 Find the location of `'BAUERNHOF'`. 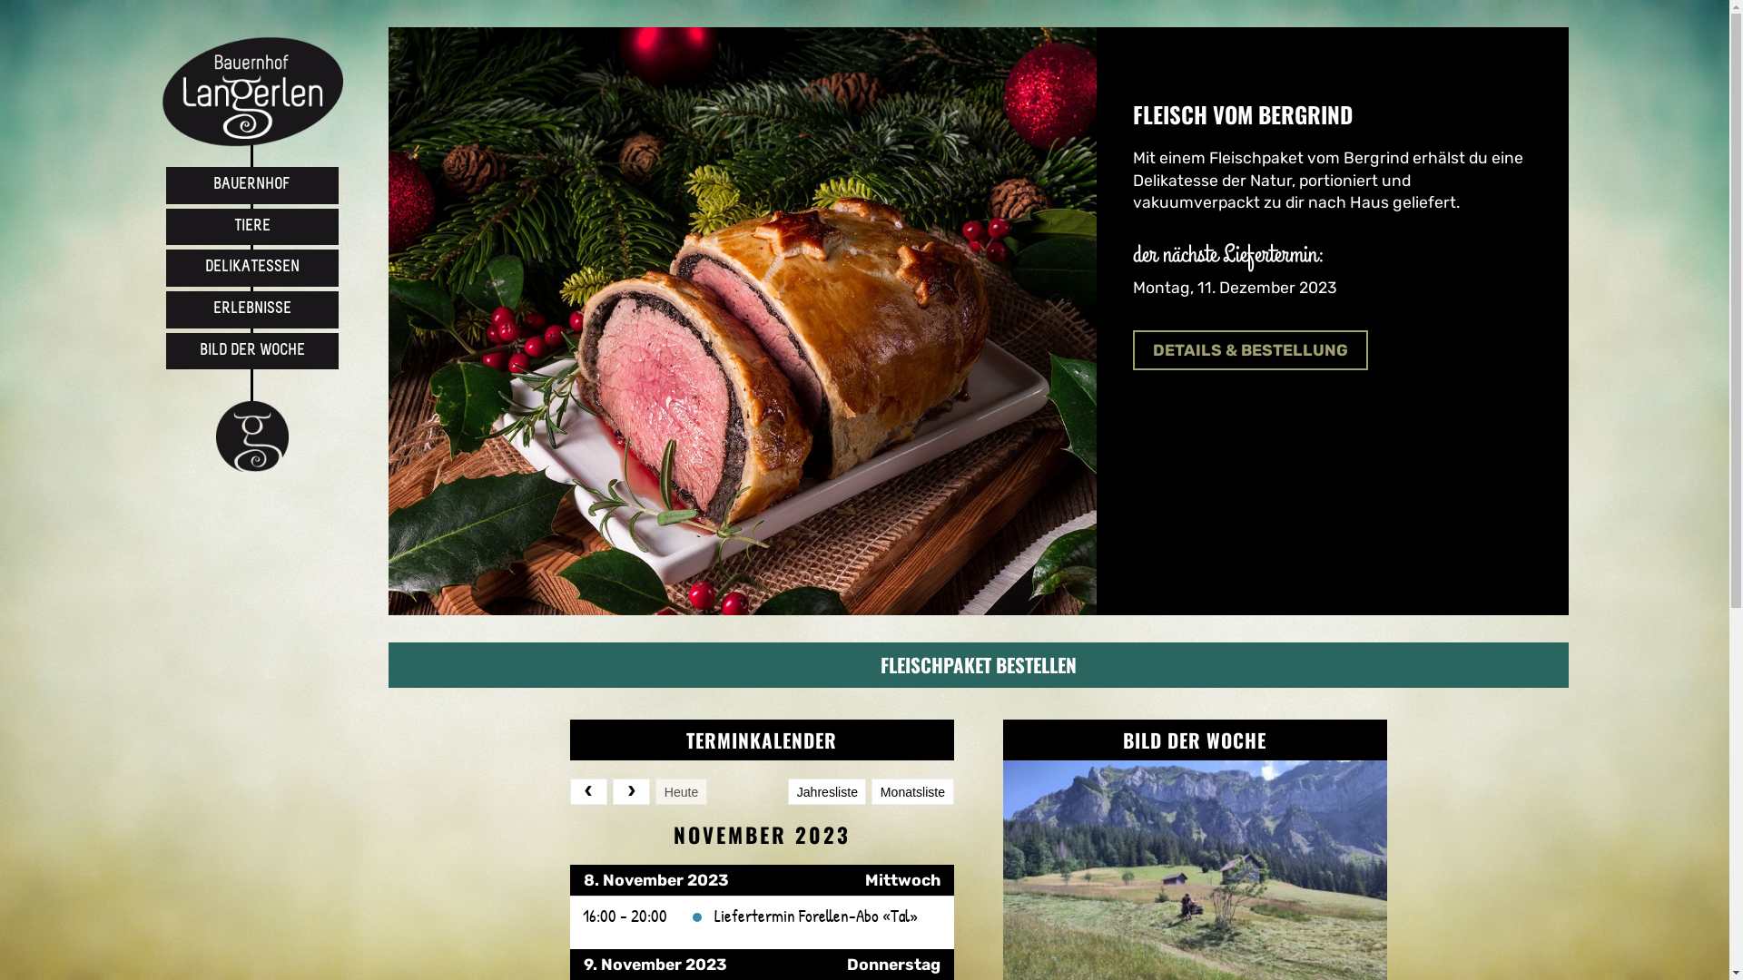

'BAUERNHOF' is located at coordinates (251, 185).